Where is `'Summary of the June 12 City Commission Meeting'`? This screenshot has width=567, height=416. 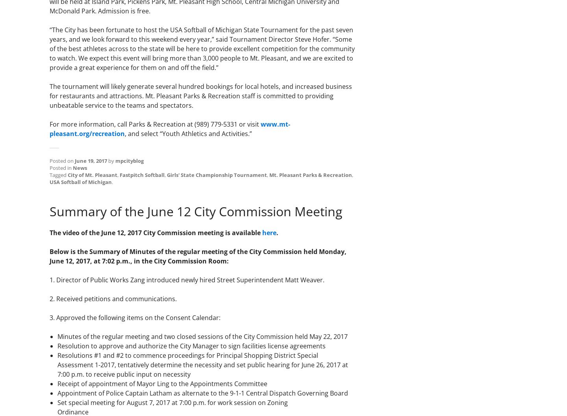 'Summary of the June 12 City Commission Meeting' is located at coordinates (195, 211).